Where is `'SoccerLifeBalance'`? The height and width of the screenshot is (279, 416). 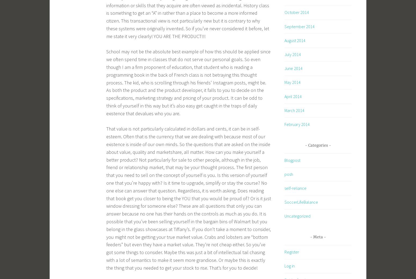 'SoccerLifeBalance' is located at coordinates (284, 202).